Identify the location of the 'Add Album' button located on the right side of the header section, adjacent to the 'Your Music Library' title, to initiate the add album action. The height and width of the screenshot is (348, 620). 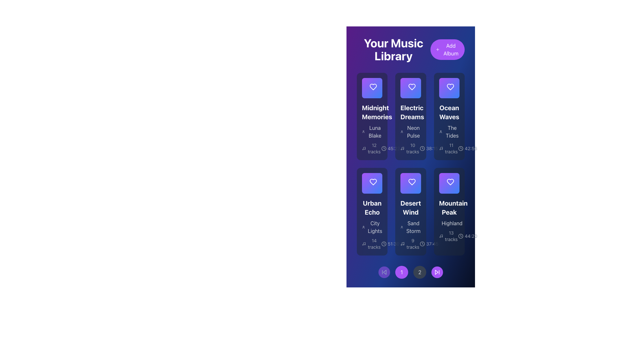
(447, 49).